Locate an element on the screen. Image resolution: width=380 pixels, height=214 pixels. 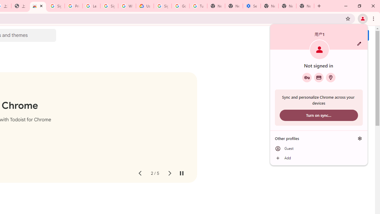
'Pause auto-play' is located at coordinates (181, 173).